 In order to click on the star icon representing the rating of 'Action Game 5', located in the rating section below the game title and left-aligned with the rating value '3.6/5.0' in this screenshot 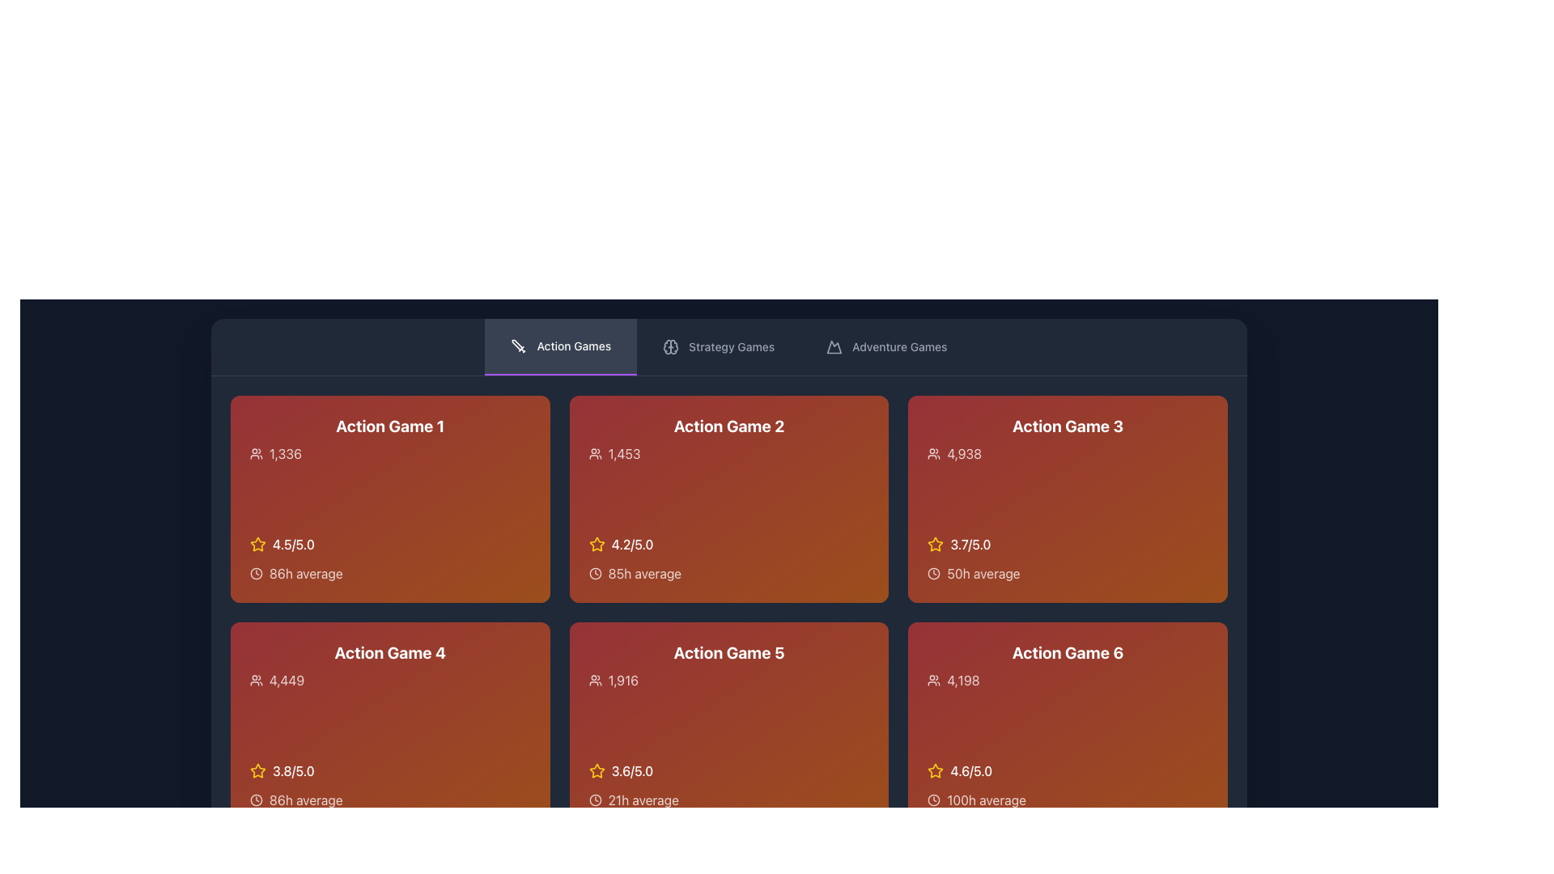, I will do `click(596, 770)`.